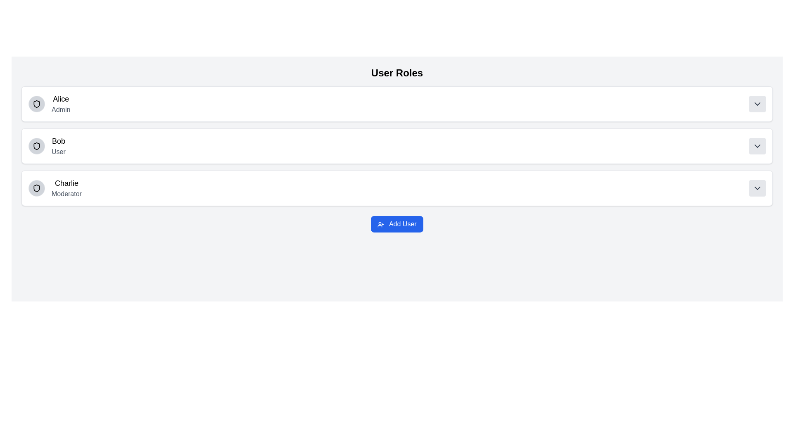 The image size is (793, 446). What do you see at coordinates (36, 188) in the screenshot?
I see `the Icon Badge (User Role Indicator) representing the user 'Charlie', which indicates their role as 'Moderator'` at bounding box center [36, 188].